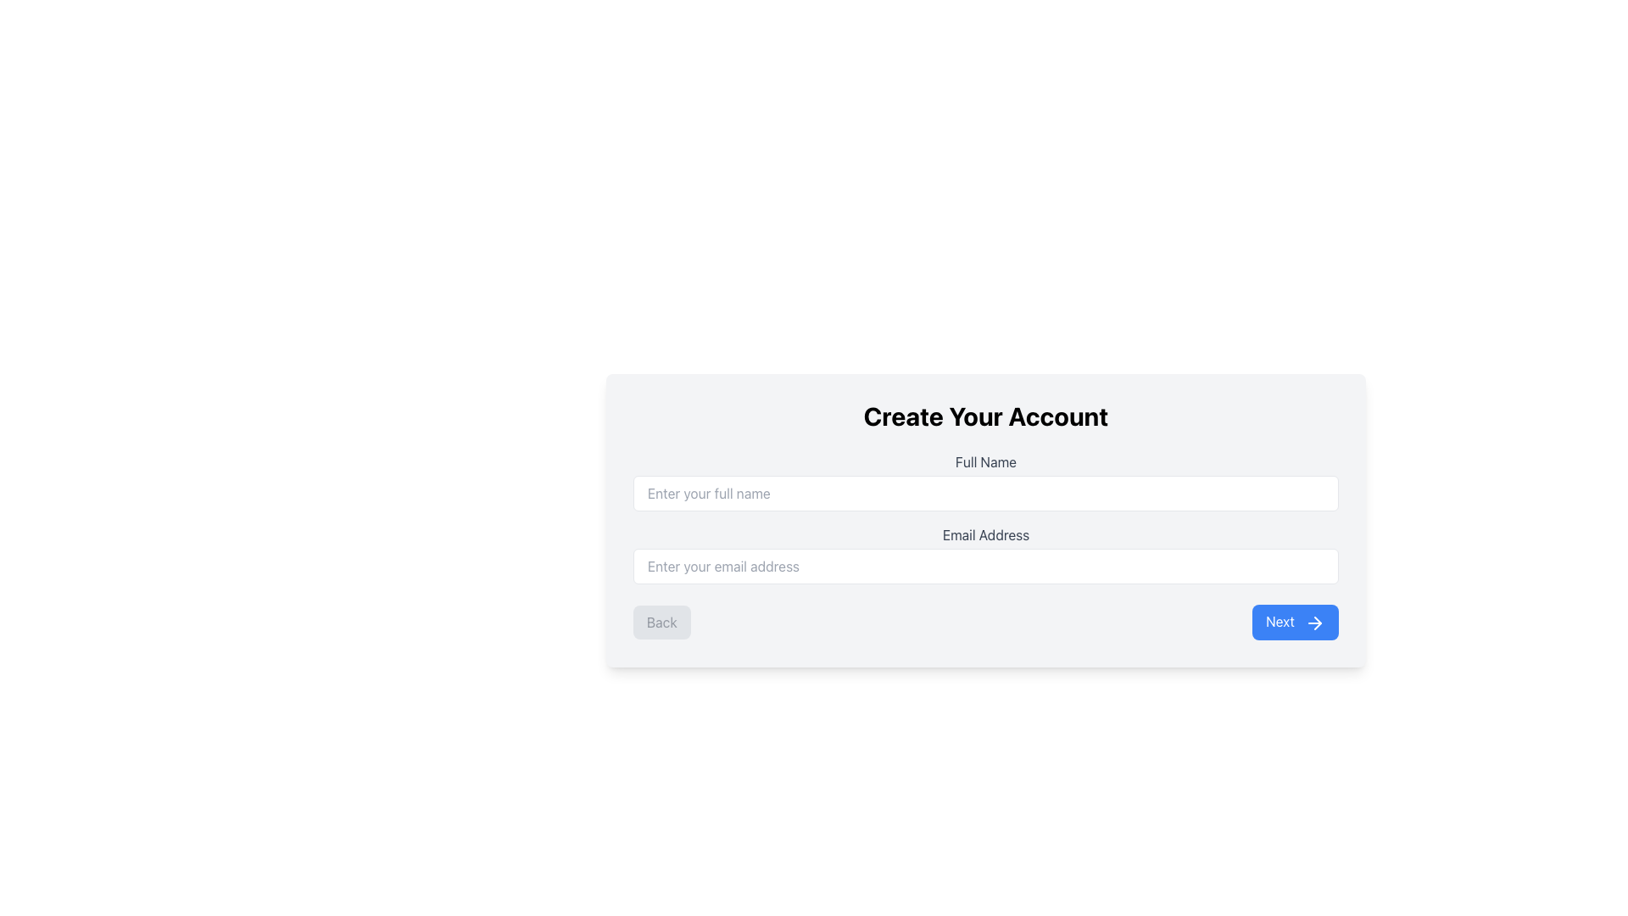  Describe the element at coordinates (985, 416) in the screenshot. I see `title text label that says 'Create Your Account', which is prominently displayed in bold, large font above the input fields in the form` at that location.